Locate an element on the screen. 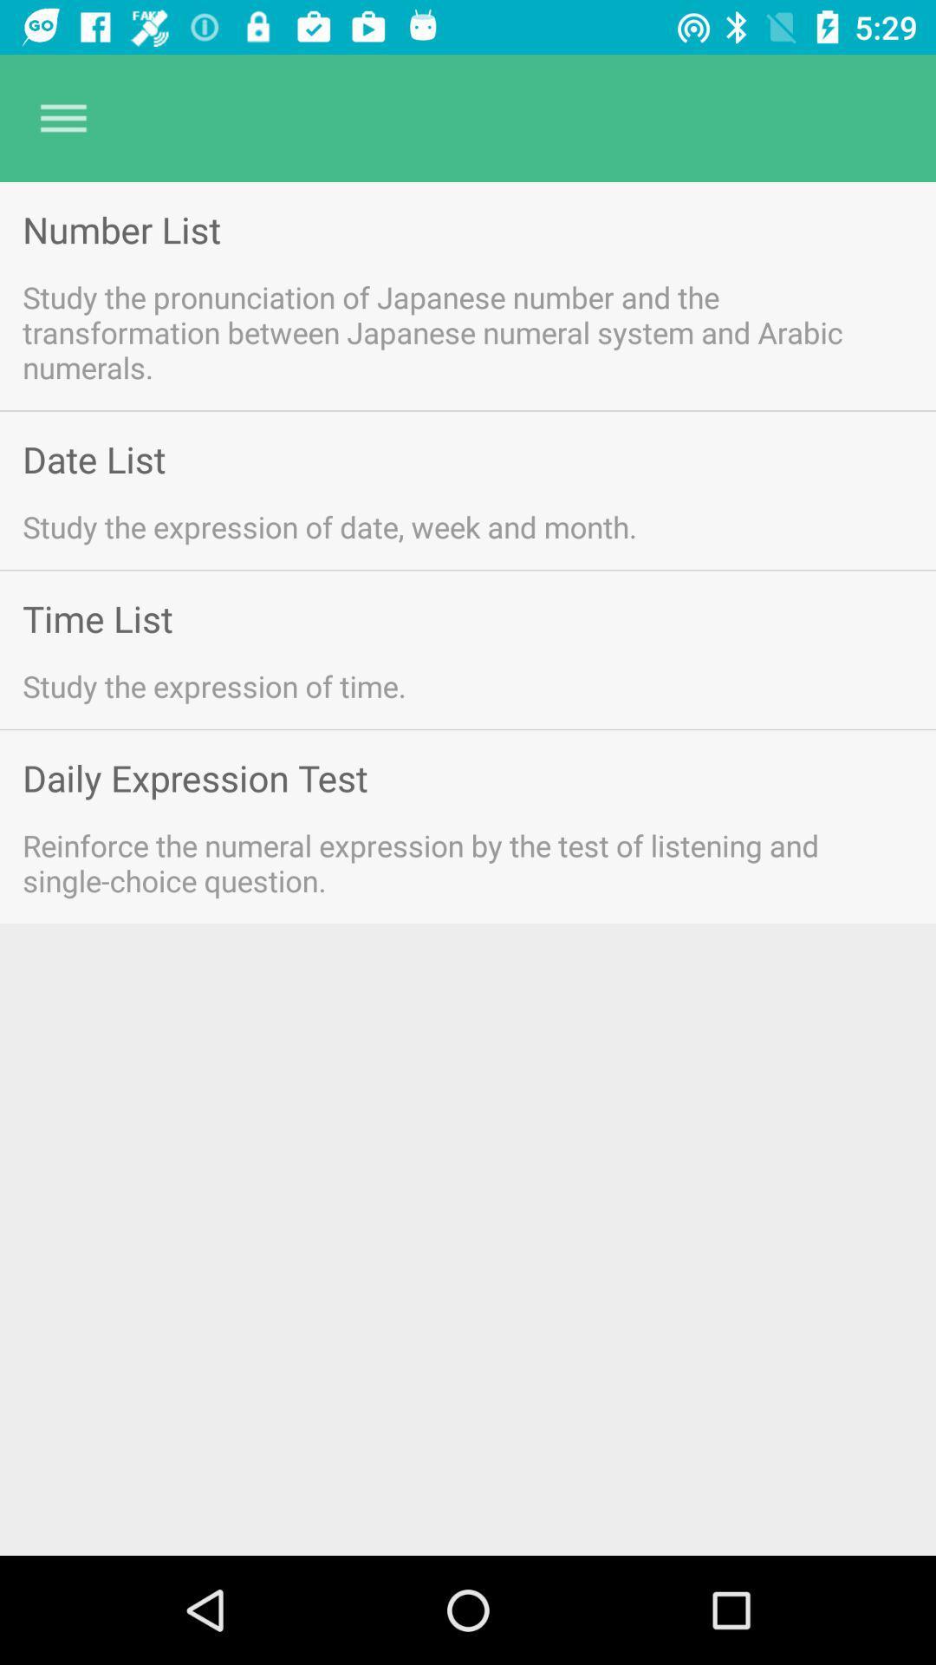 This screenshot has width=936, height=1665. the app above the study the expression app is located at coordinates (97, 618).